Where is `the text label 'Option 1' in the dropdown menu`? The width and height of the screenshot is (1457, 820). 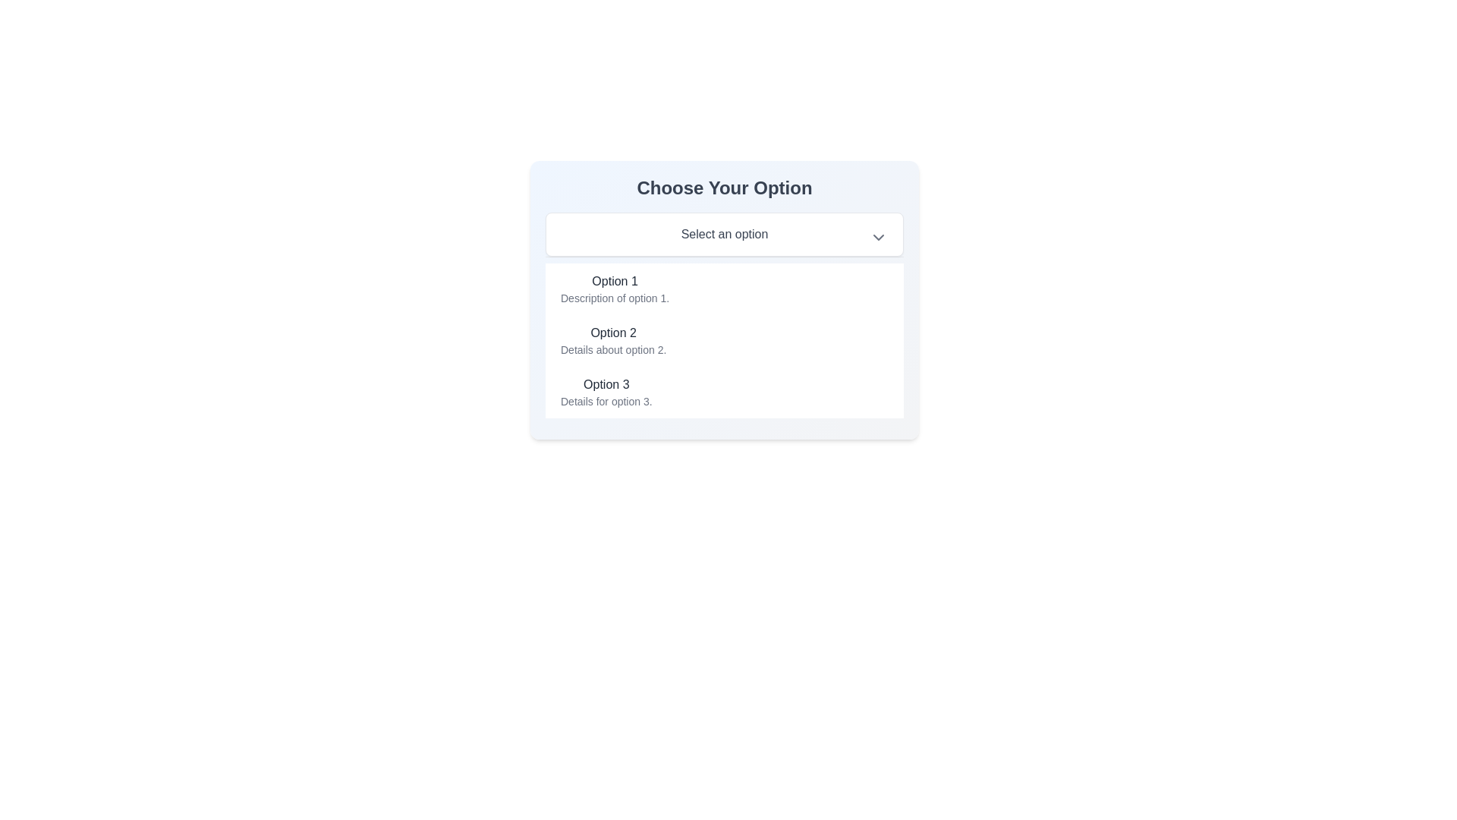 the text label 'Option 1' in the dropdown menu is located at coordinates (615, 281).